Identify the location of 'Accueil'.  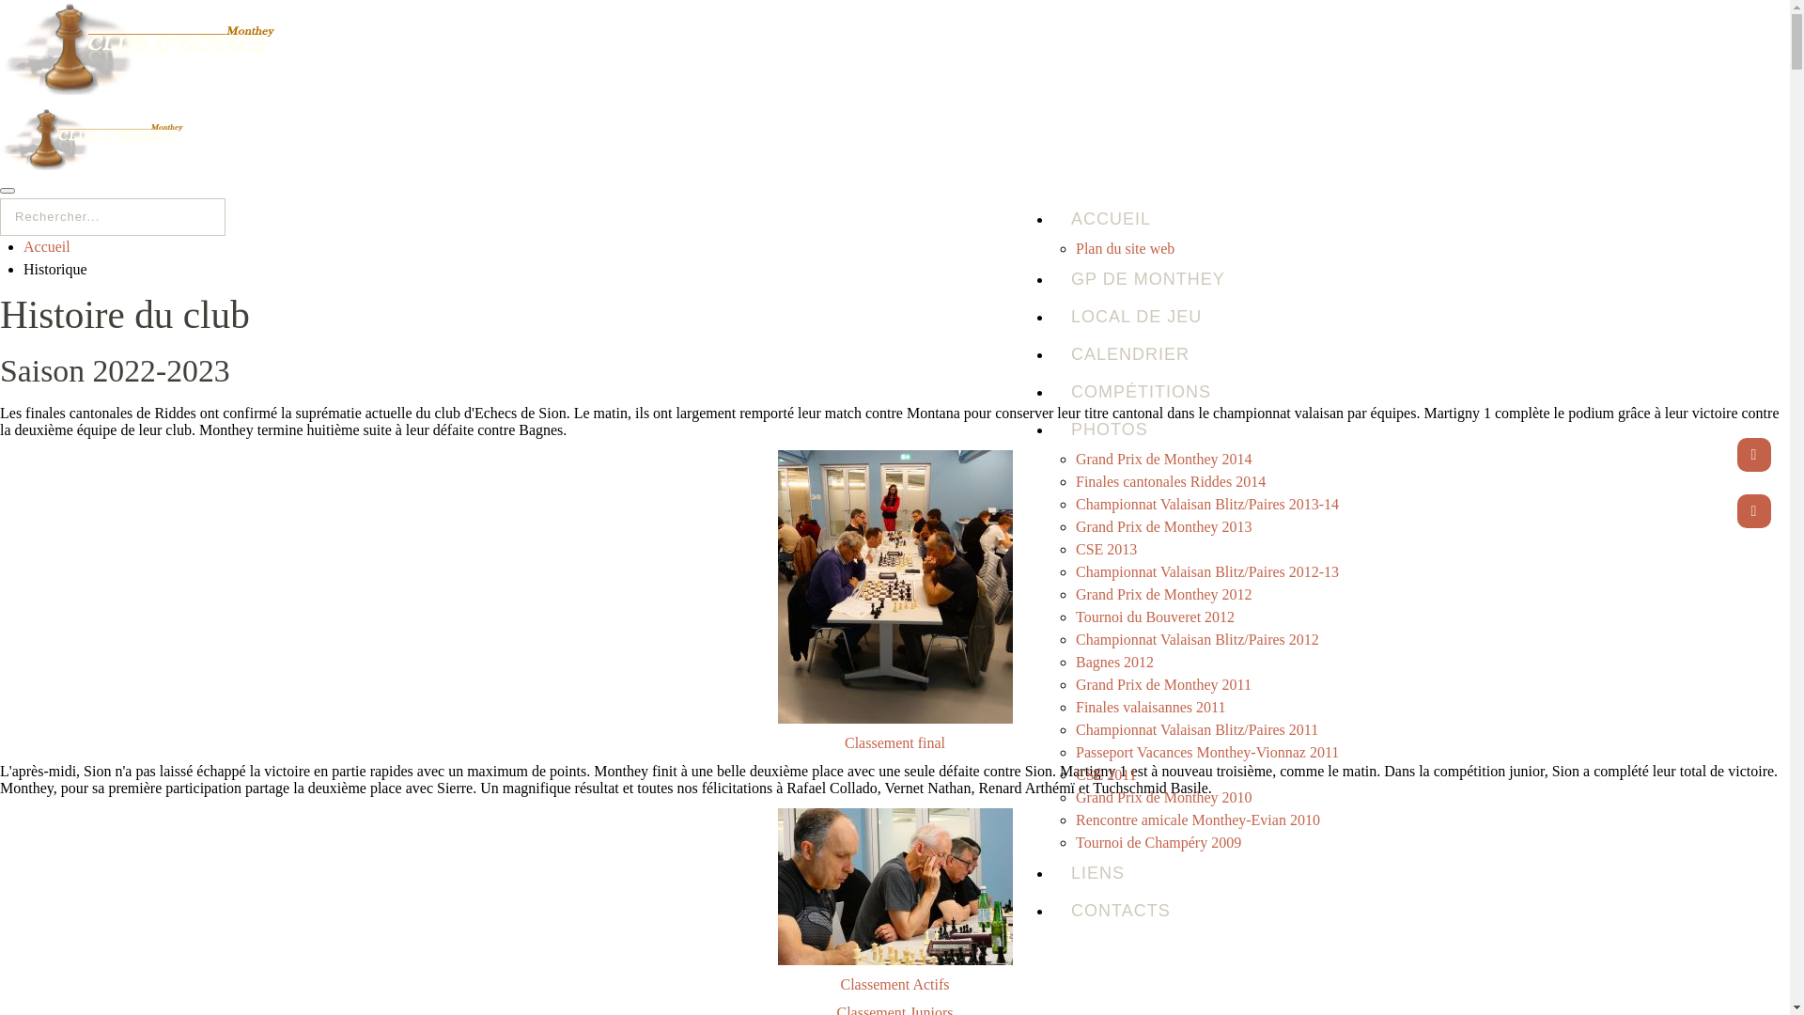
(23, 245).